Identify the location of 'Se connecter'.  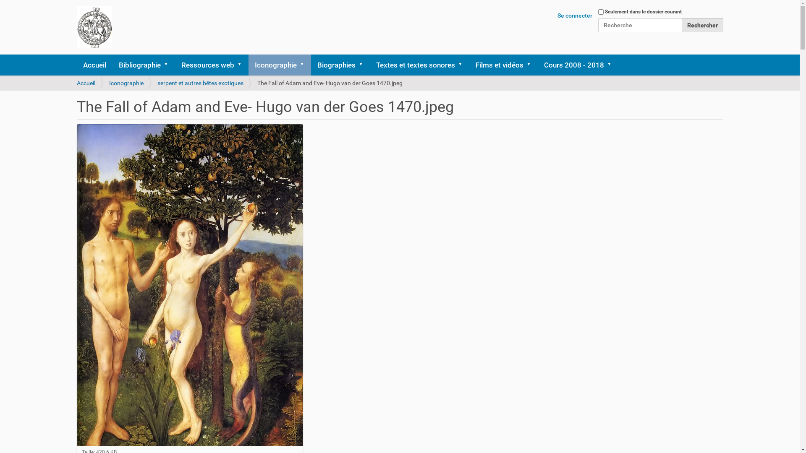
(557, 16).